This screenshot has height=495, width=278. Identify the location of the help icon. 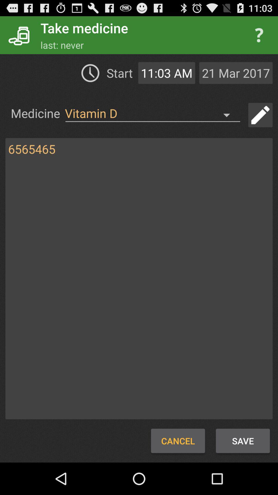
(259, 37).